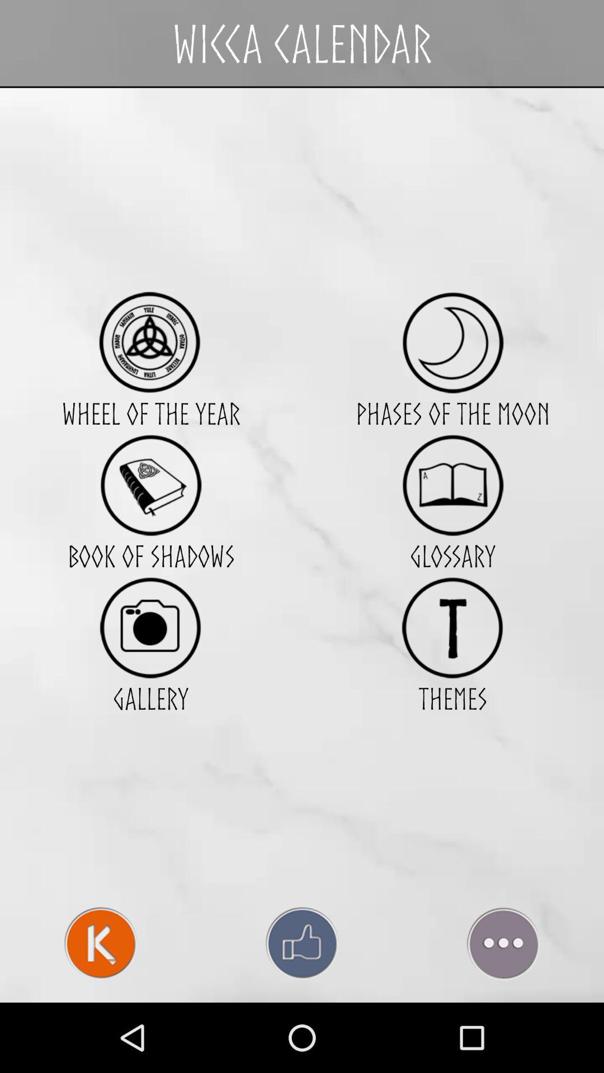 The width and height of the screenshot is (604, 1073). Describe the element at coordinates (302, 943) in the screenshot. I see `the item below the gallery icon` at that location.